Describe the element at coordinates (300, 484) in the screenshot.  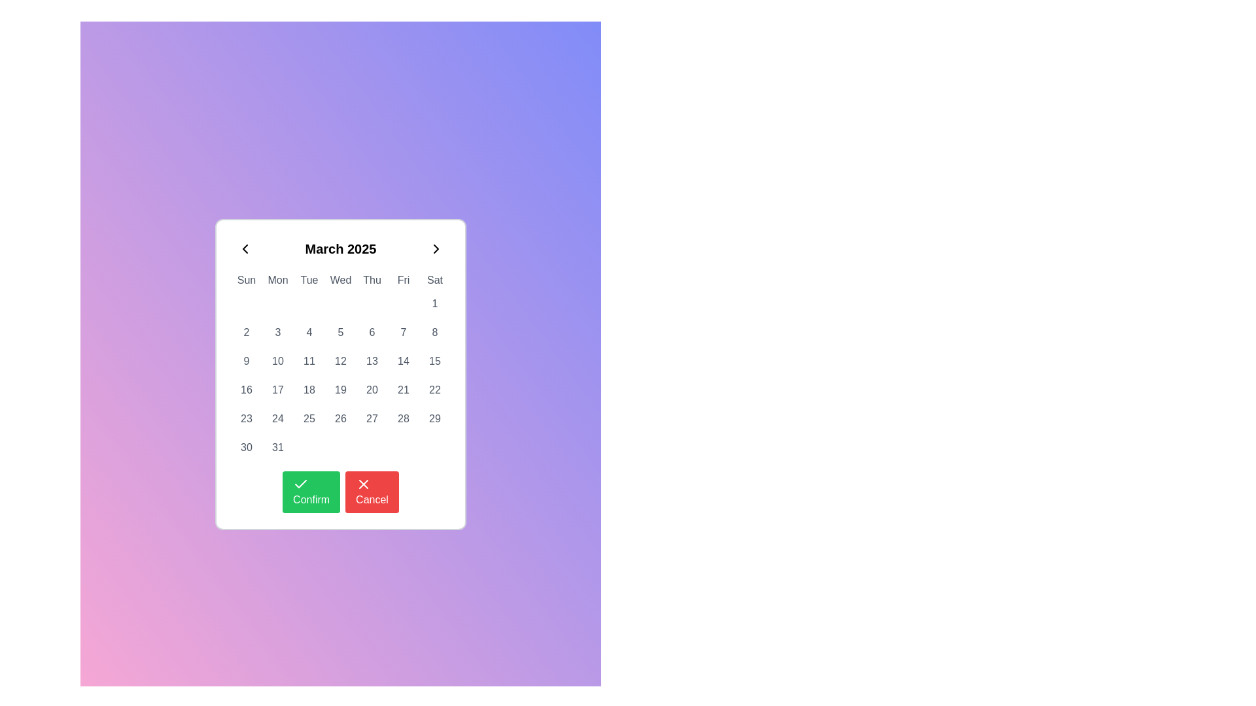
I see `the checkmark icon located inside the green rectangle of the 'Confirm' button at the bottom of the calendar interface` at that location.